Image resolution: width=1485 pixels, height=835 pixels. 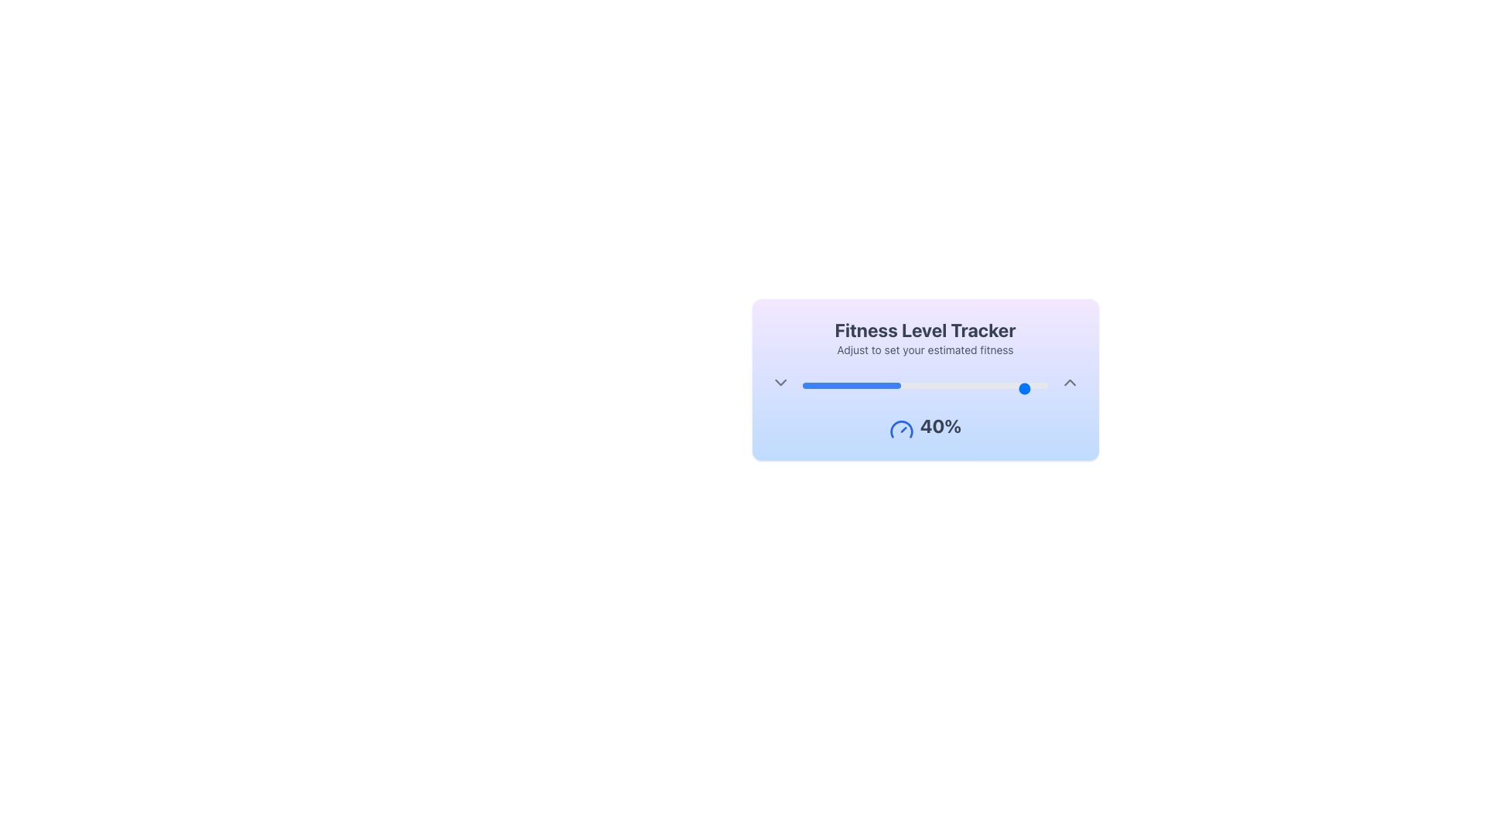 I want to click on the fitness level, so click(x=881, y=384).